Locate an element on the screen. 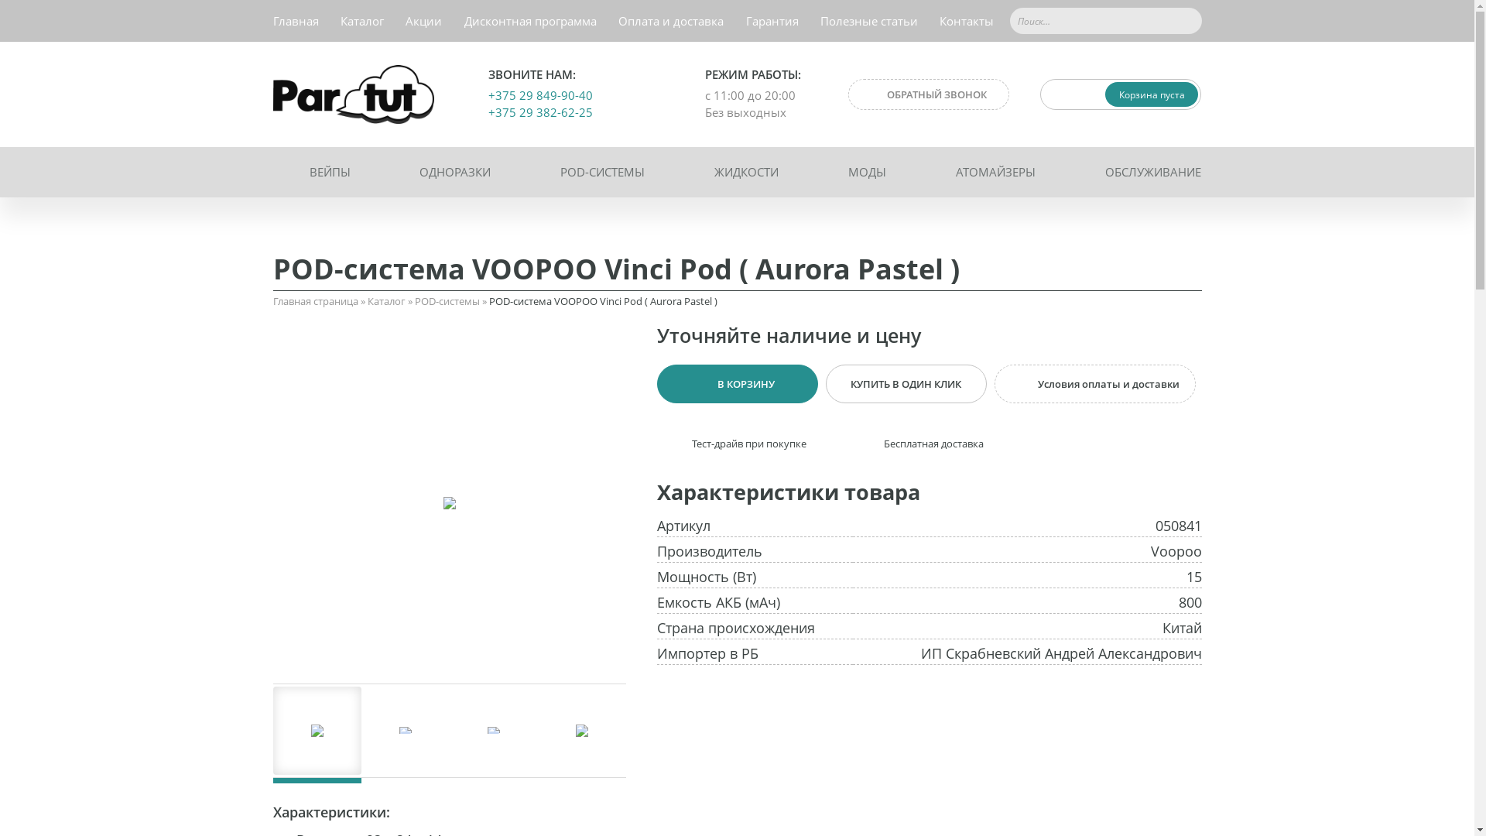 The height and width of the screenshot is (836, 1486). '+375 29 382-62-25' is located at coordinates (540, 111).